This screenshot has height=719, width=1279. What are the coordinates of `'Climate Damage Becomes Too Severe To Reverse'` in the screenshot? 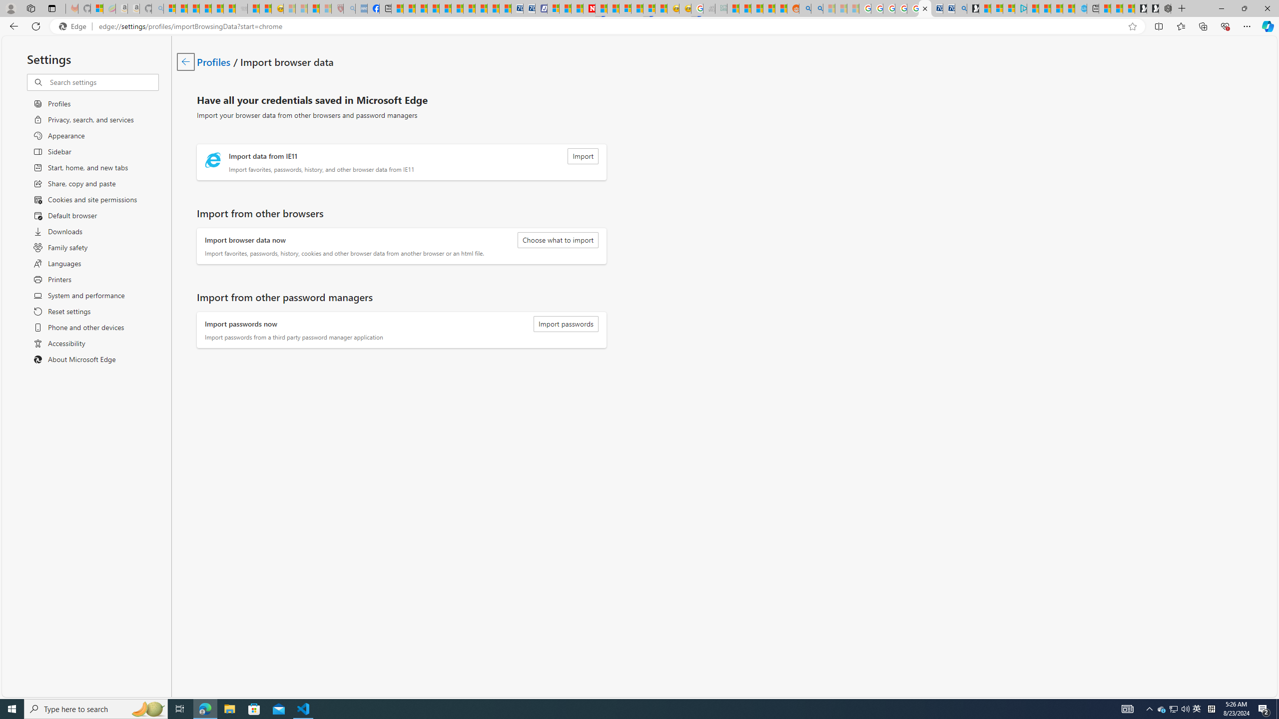 It's located at (433, 8).